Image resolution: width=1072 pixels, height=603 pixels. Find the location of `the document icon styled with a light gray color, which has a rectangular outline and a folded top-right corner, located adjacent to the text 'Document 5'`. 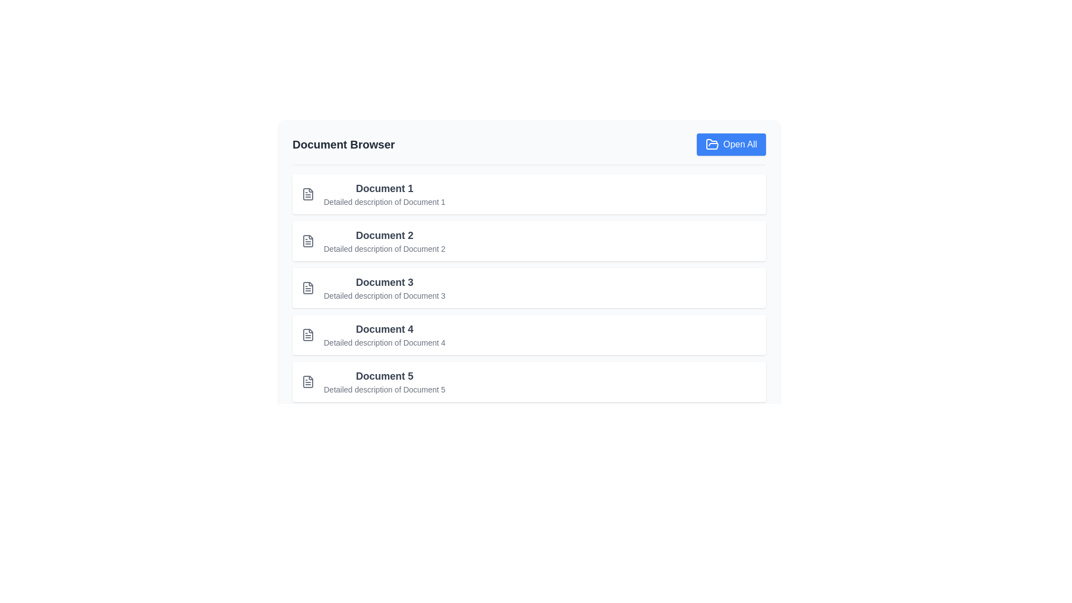

the document icon styled with a light gray color, which has a rectangular outline and a folded top-right corner, located adjacent to the text 'Document 5' is located at coordinates (308, 381).